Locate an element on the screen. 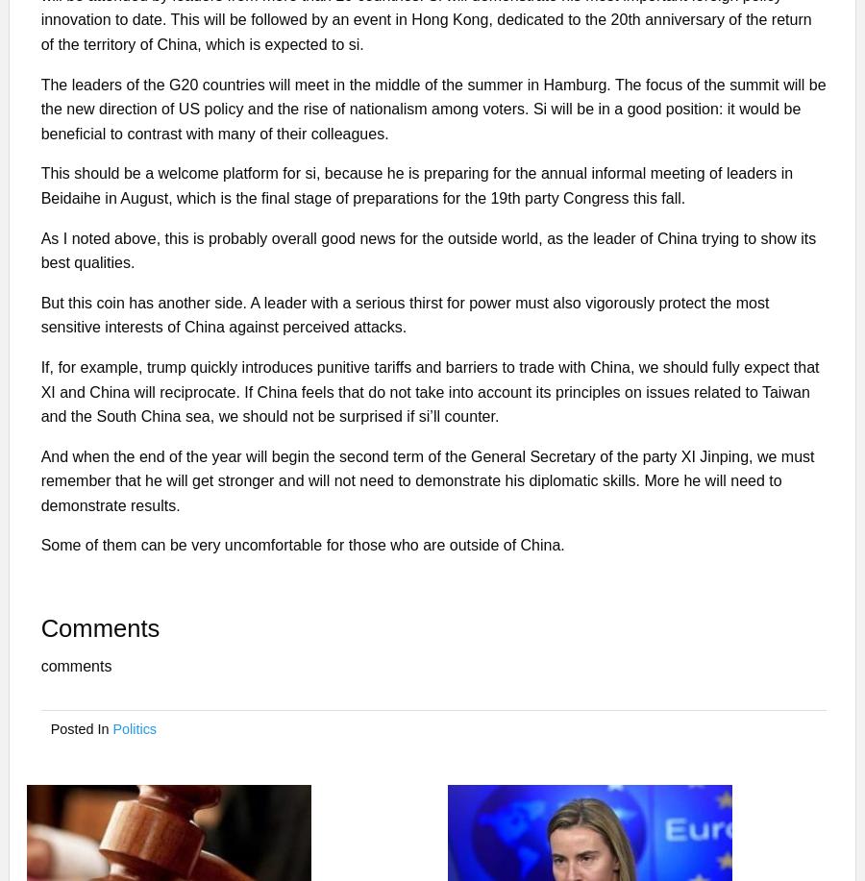 The width and height of the screenshot is (865, 881). 'The leaders of the G20 countries will meet in the middle of the summer in Hamburg. The focus of the summit will be the new direction of US policy and the rise of nationalism among voters. Si will be in a good position: it would be beneficial to contrast with many of their colleagues.' is located at coordinates (432, 107).